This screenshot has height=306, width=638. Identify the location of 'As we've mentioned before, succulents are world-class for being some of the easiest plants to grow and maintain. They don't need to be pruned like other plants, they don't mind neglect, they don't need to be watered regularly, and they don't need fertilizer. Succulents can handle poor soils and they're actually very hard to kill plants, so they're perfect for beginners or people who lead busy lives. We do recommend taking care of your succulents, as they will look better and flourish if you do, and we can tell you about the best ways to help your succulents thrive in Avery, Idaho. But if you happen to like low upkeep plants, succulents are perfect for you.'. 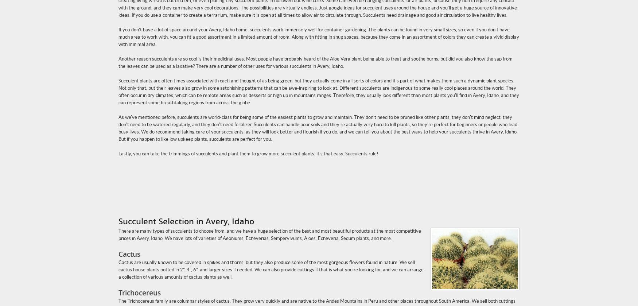
(318, 128).